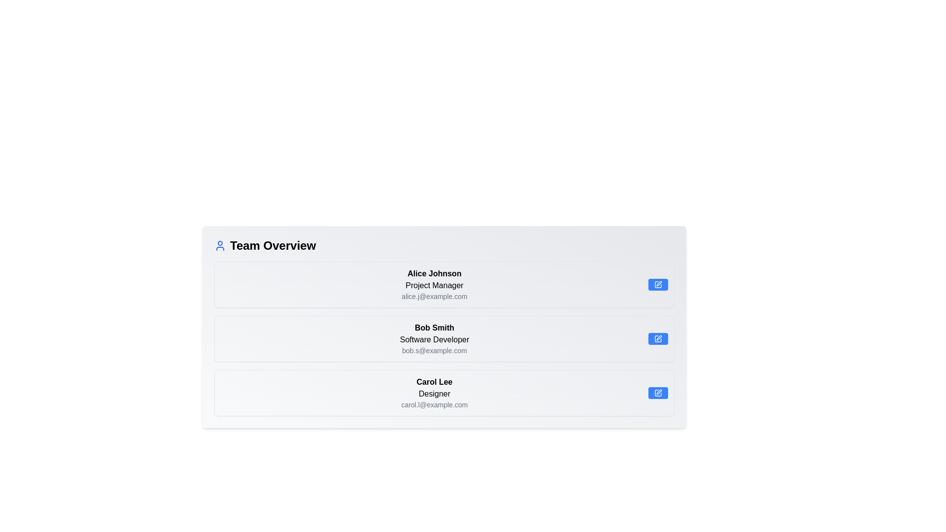  I want to click on the 'Designer' label text that describes the role of 'Carol Lee' in the Team Overview section, positioned directly below 'Carol Lee' and above 'carol.l@example.com', so click(434, 393).